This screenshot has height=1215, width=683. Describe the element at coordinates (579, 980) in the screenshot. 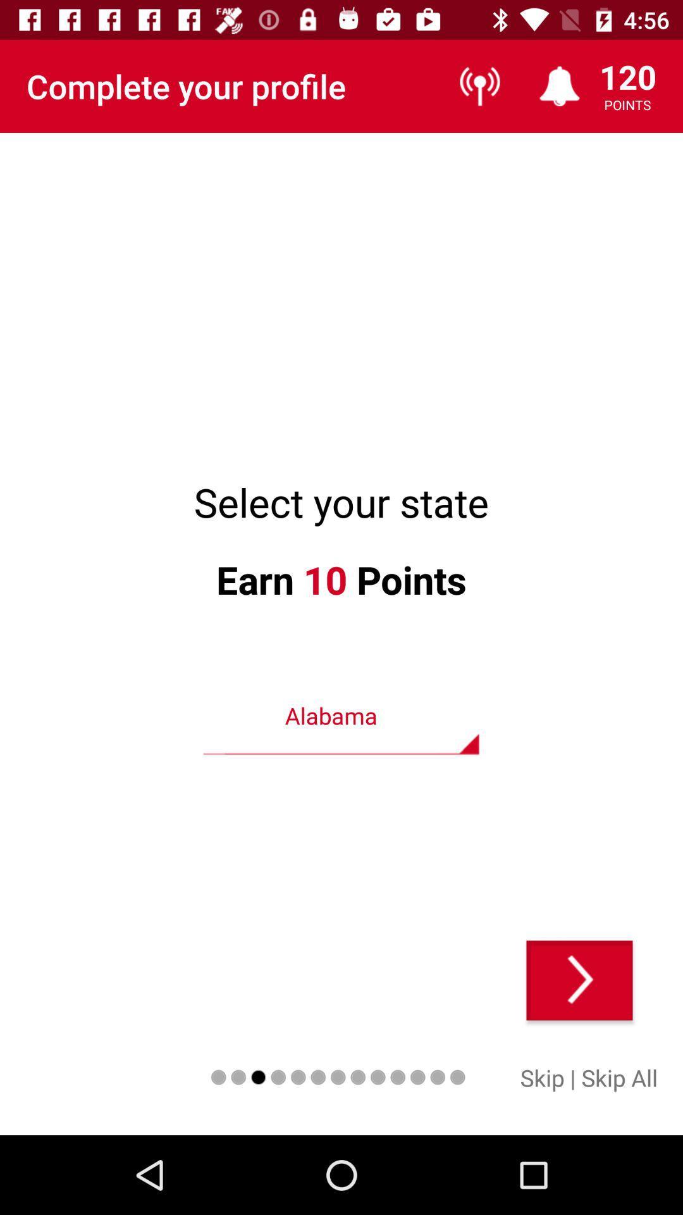

I see `item below points` at that location.